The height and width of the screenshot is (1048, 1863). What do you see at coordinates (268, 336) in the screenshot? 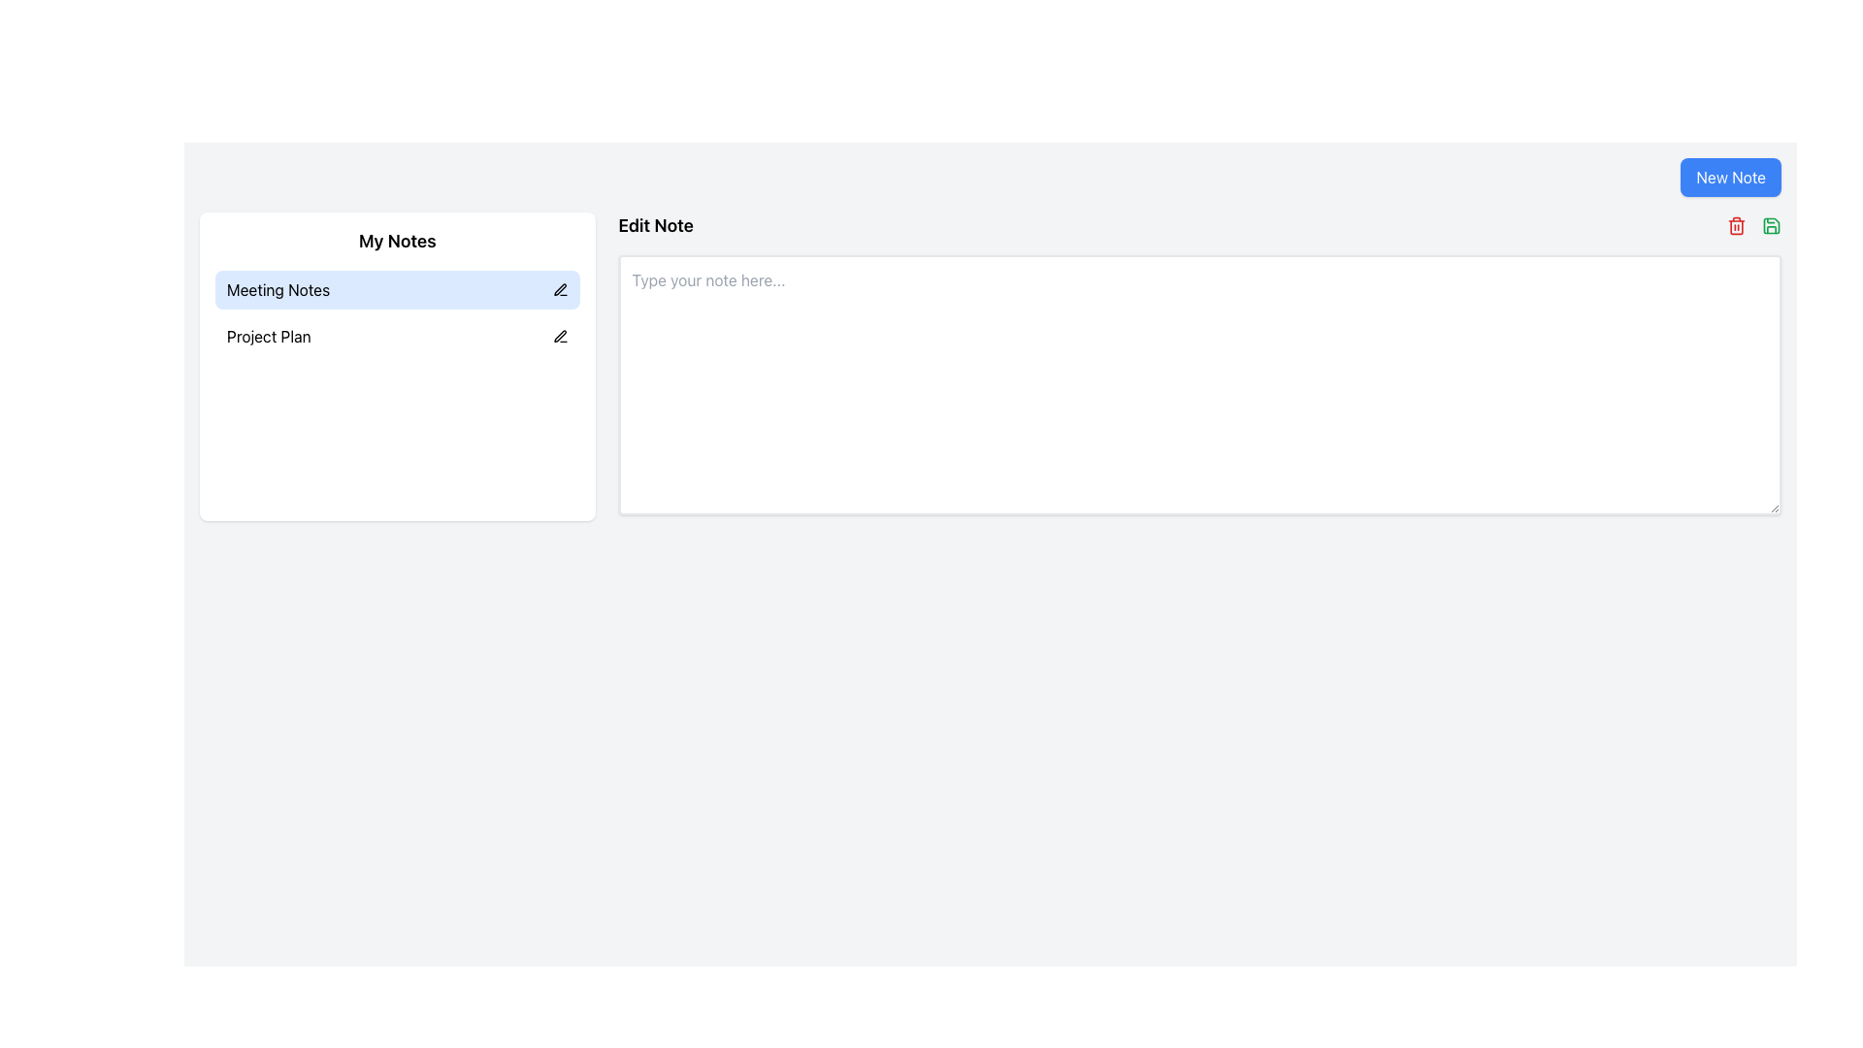
I see `the 'Project Plan' label in the left sidebar 'My Notes'` at bounding box center [268, 336].